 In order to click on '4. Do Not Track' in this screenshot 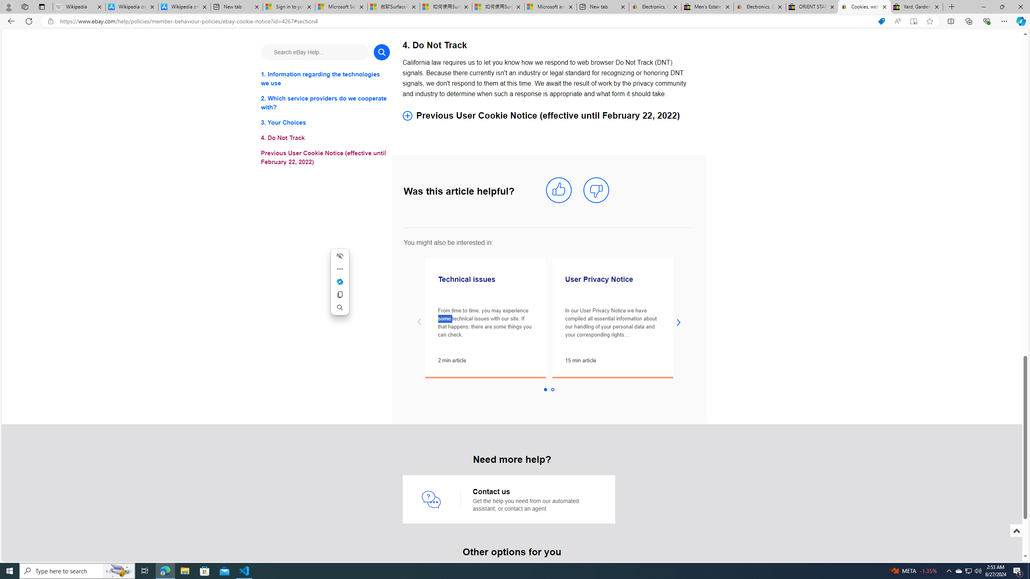, I will do `click(325, 138)`.